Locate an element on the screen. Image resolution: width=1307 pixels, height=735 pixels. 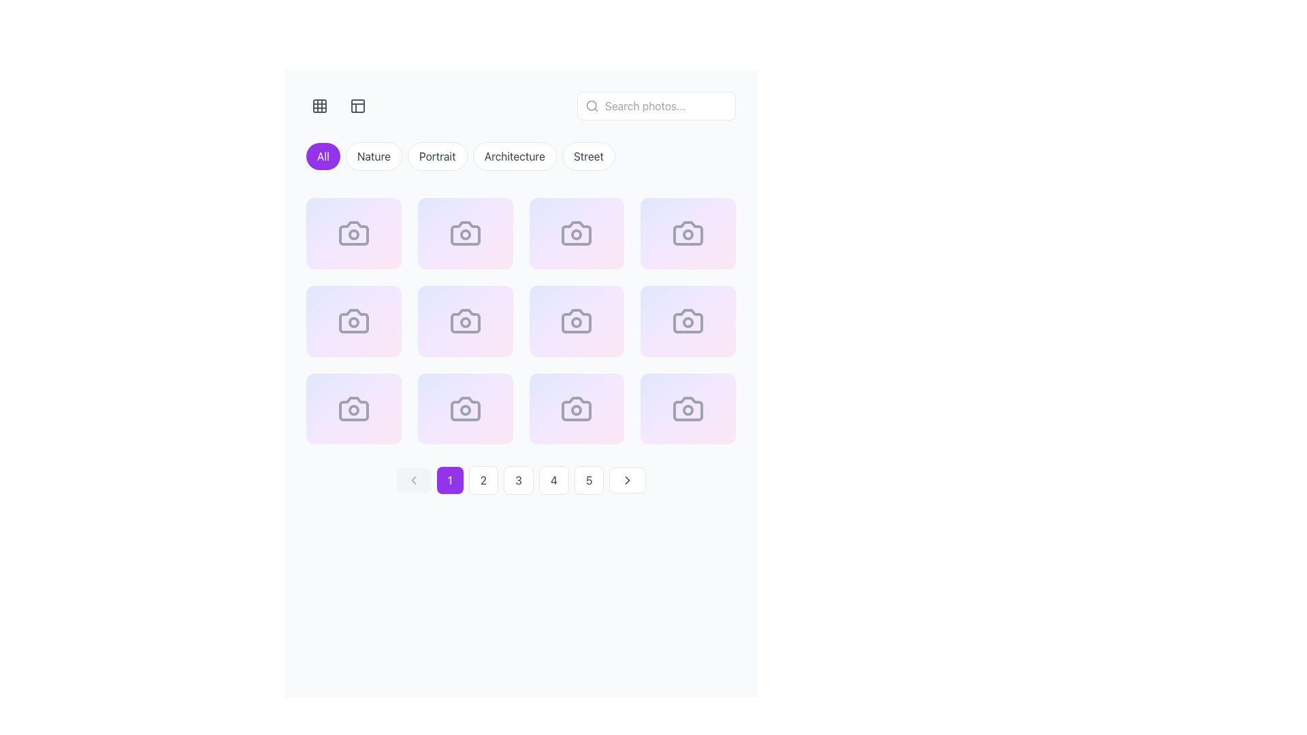
the second button in a horizontal row of three to change its background color is located at coordinates (694, 246).